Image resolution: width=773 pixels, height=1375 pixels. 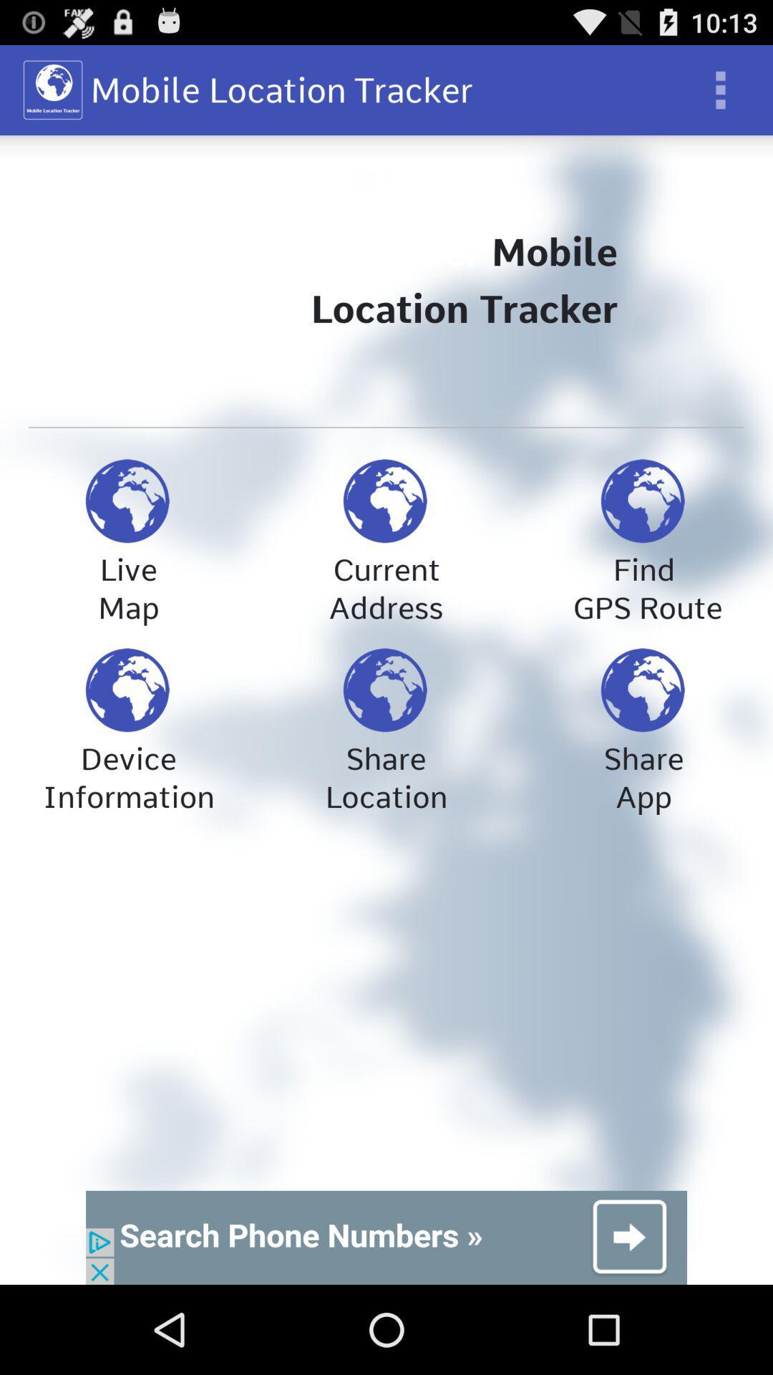 I want to click on search phone number advertisements, so click(x=386, y=1237).